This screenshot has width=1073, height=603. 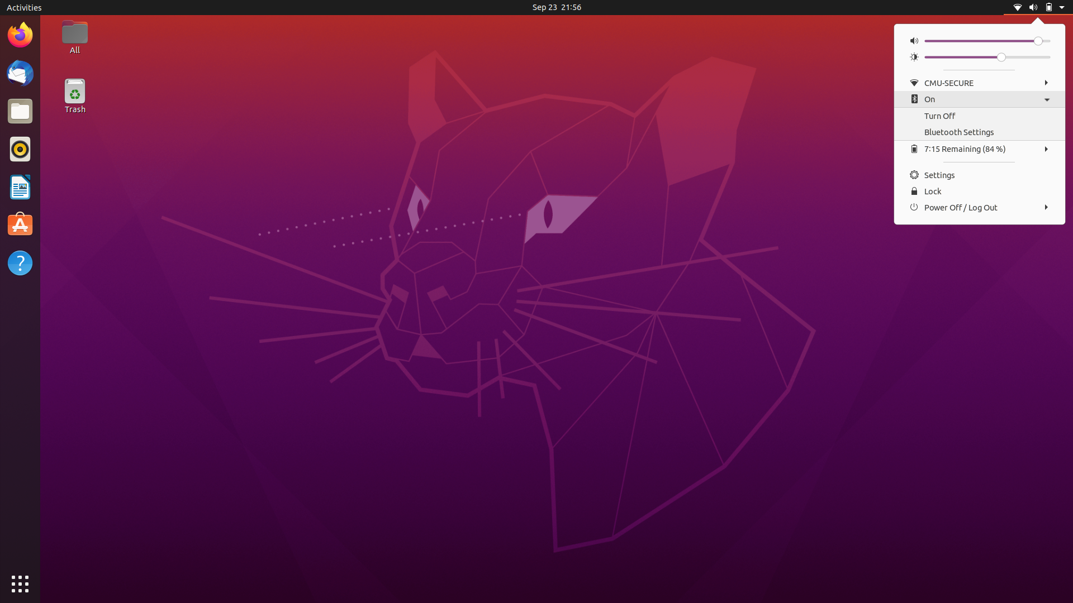 I want to click on Raise the audio level, so click(x=1992024, y=8140).